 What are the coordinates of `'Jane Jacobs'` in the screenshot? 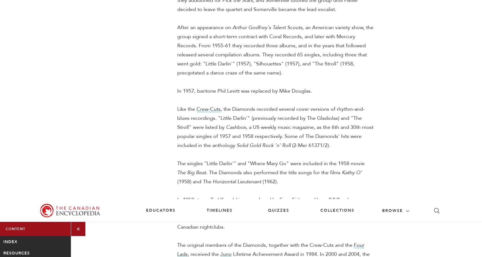 It's located at (313, 88).